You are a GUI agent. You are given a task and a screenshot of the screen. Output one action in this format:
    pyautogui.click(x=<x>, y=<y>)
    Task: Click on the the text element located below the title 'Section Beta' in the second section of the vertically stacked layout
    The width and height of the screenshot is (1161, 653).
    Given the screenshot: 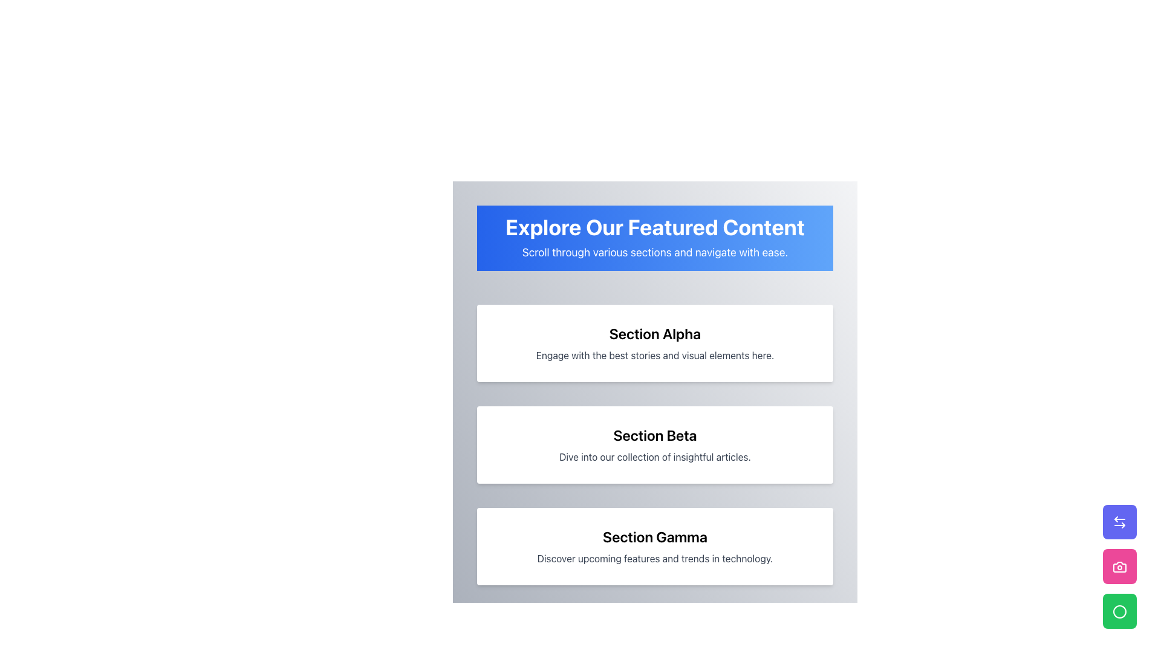 What is the action you would take?
    pyautogui.click(x=654, y=457)
    